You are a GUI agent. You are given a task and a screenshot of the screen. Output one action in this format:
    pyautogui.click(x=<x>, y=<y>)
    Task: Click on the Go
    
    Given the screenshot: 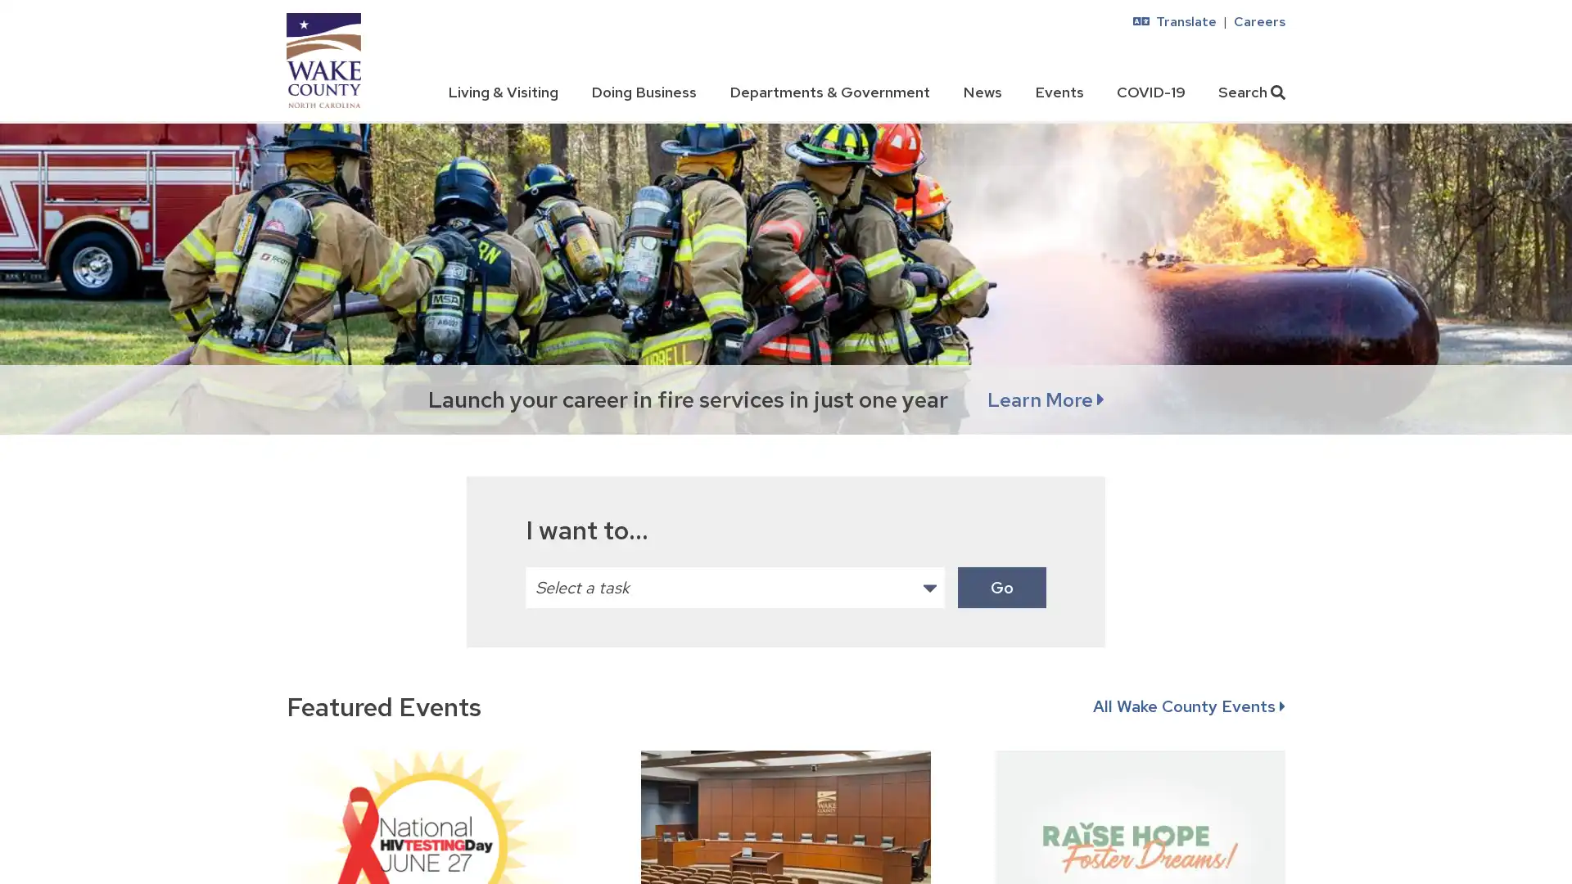 What is the action you would take?
    pyautogui.click(x=1001, y=586)
    